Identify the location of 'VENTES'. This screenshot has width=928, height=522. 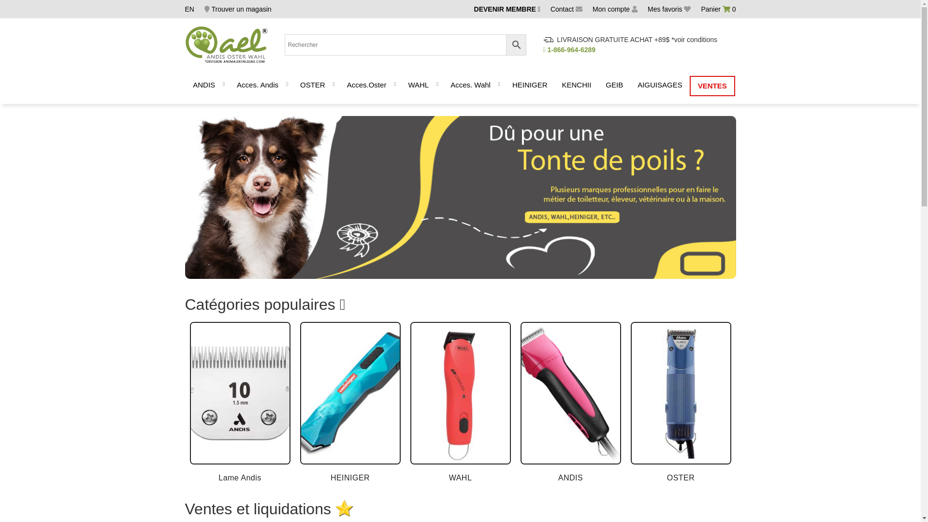
(690, 85).